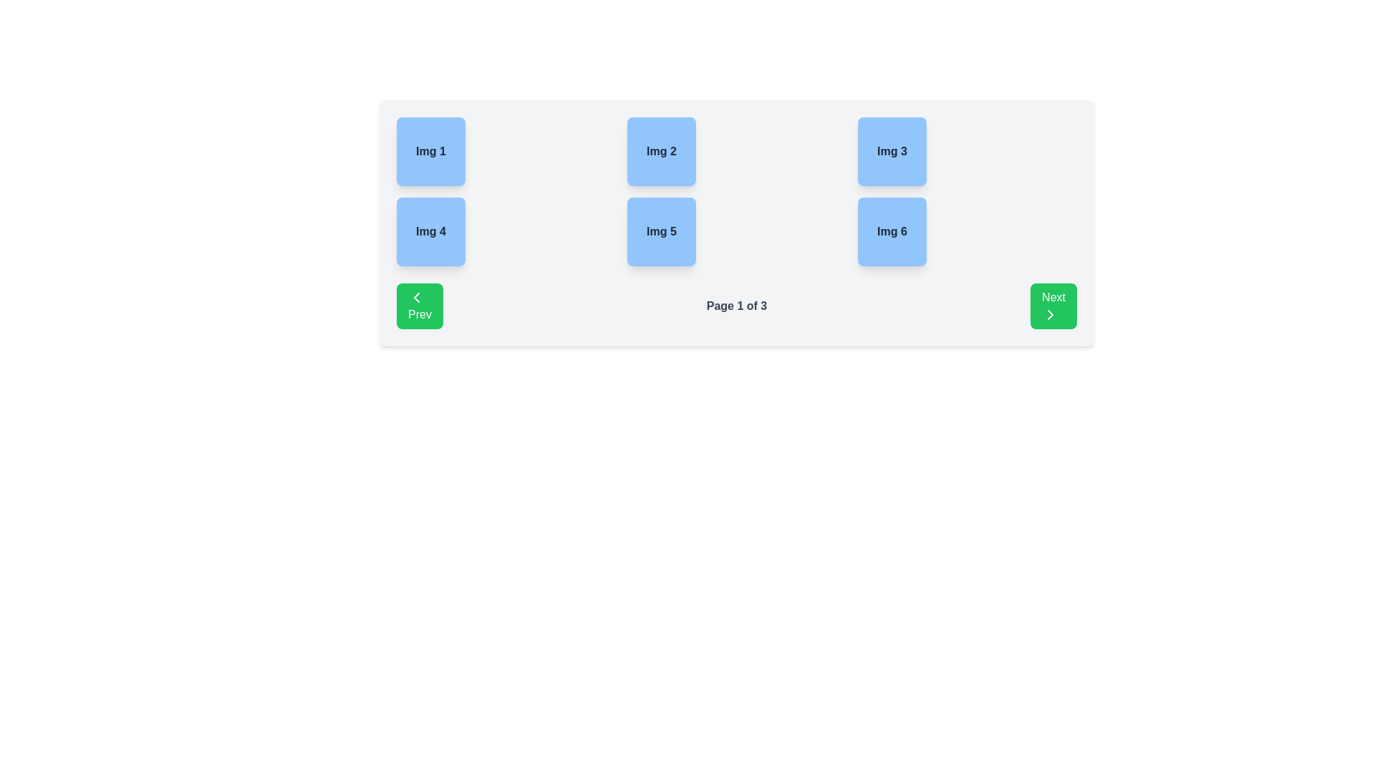  What do you see at coordinates (892, 152) in the screenshot?
I see `the text label displaying 'Img 3', which is located in the top-rightmost blue box of a 2x3 grid, featuring a bold, dark gray font and a rounded light blue background` at bounding box center [892, 152].